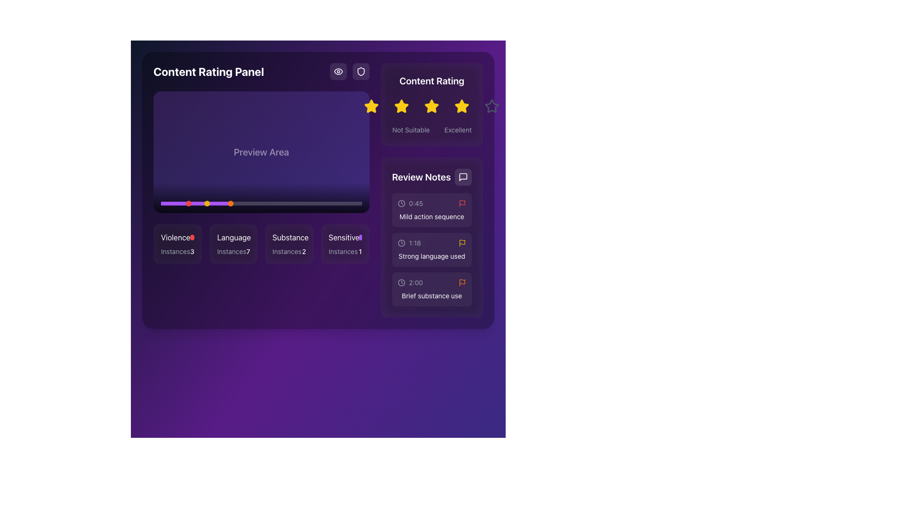  I want to click on the fourth star in the rating UI component, so click(462, 106).